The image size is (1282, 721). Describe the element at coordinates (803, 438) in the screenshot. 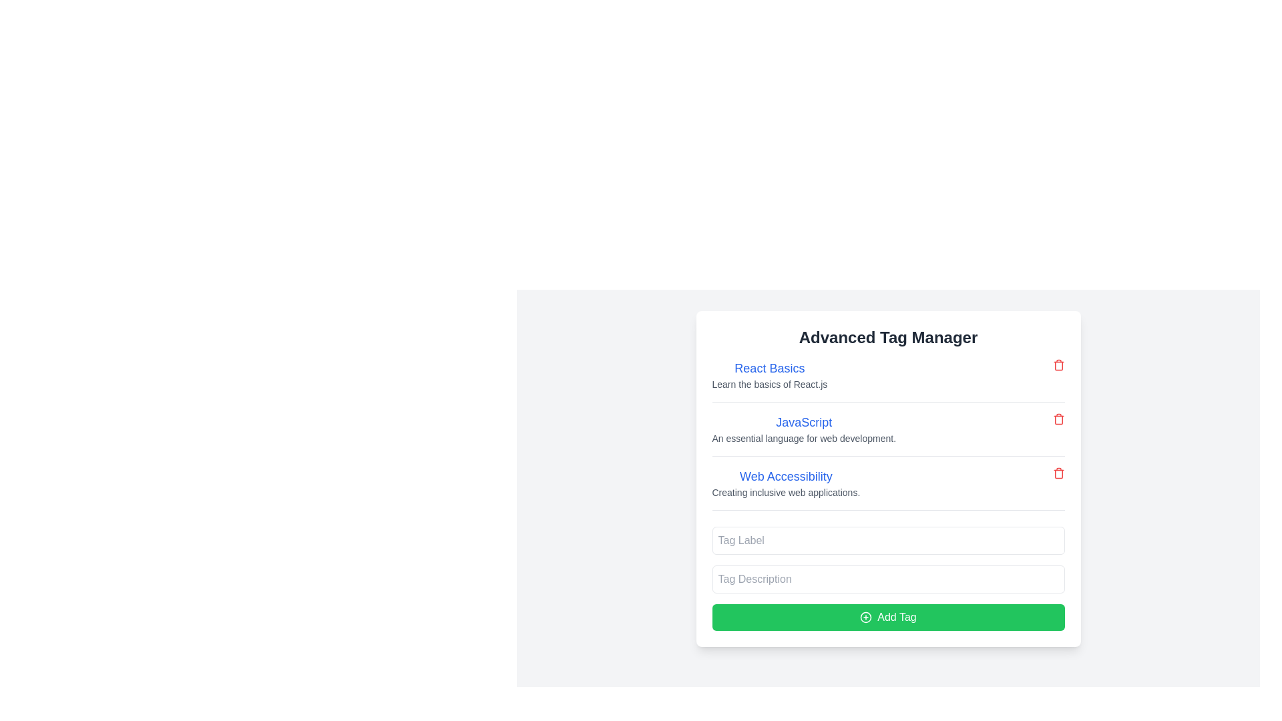

I see `the static text element that reads 'An essential language for web development.' located under the 'JavaScript' heading in the 'Advanced Tag Manager' section` at that location.